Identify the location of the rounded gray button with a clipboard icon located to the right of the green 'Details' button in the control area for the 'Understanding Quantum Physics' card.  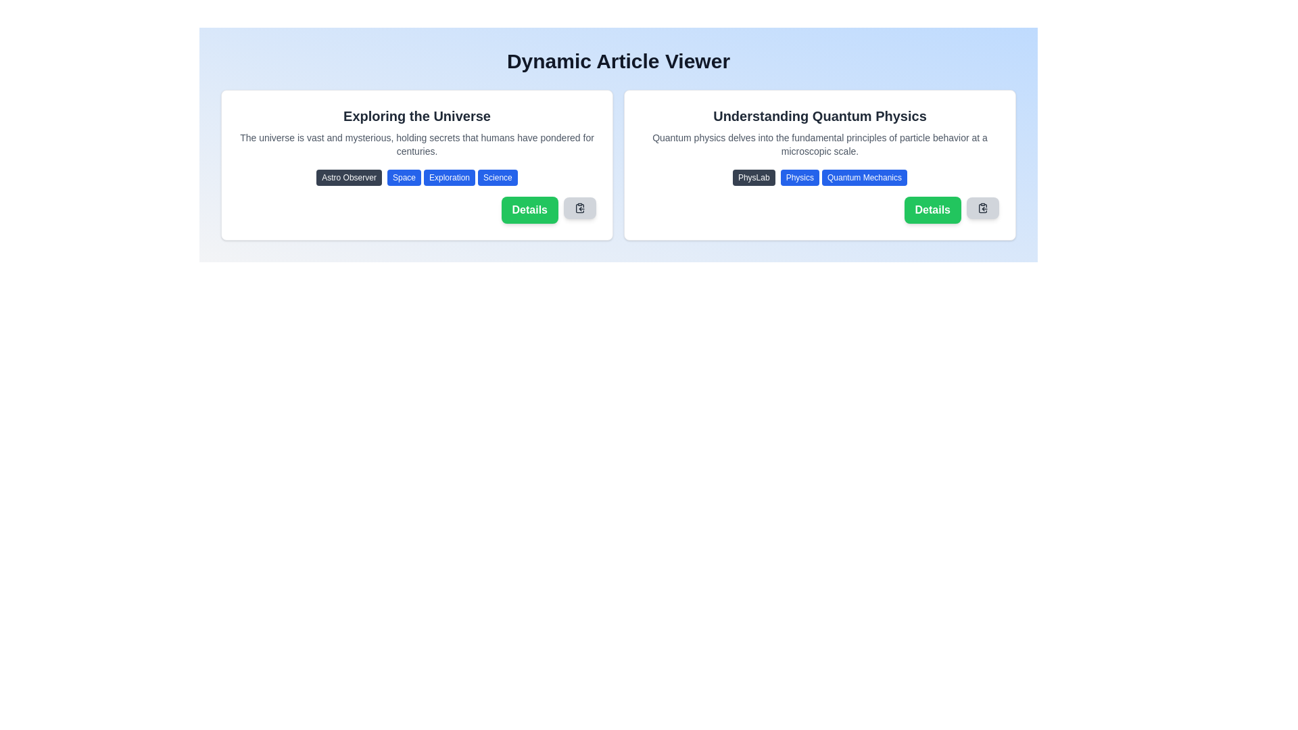
(580, 208).